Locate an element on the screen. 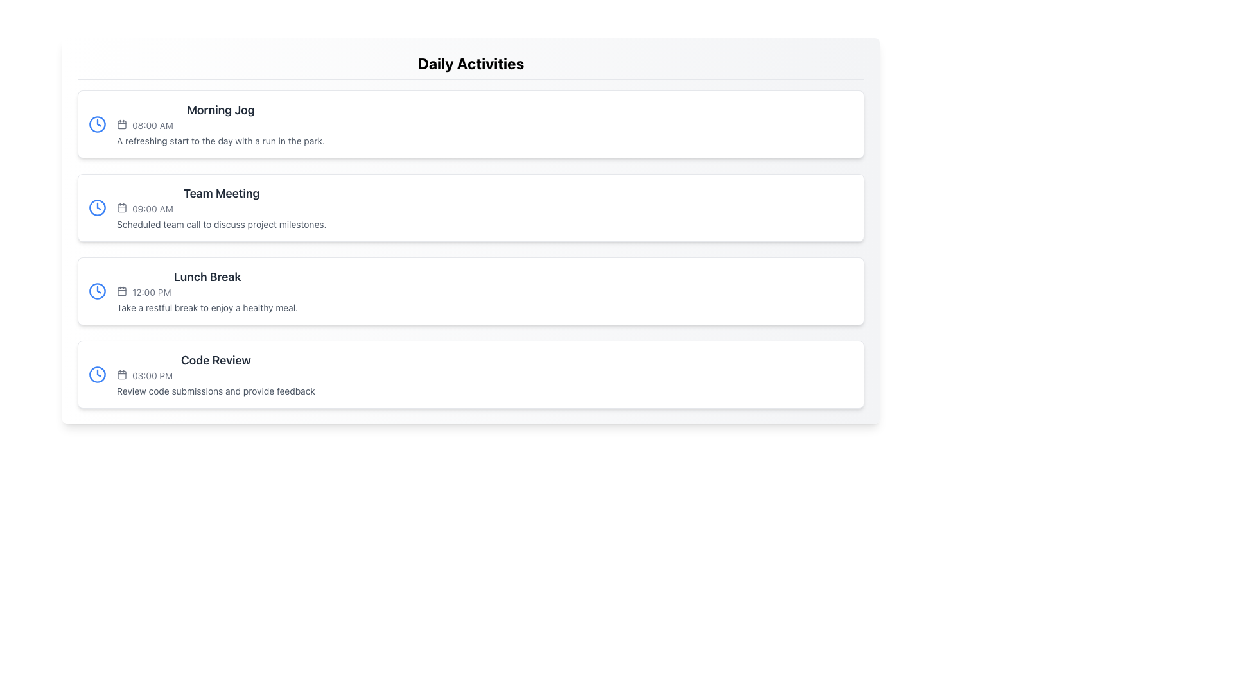 Image resolution: width=1233 pixels, height=693 pixels. the decorative circular component located inside the clock icon of the 'Code Review' entry in the 'Daily Activities' list is located at coordinates (97, 374).